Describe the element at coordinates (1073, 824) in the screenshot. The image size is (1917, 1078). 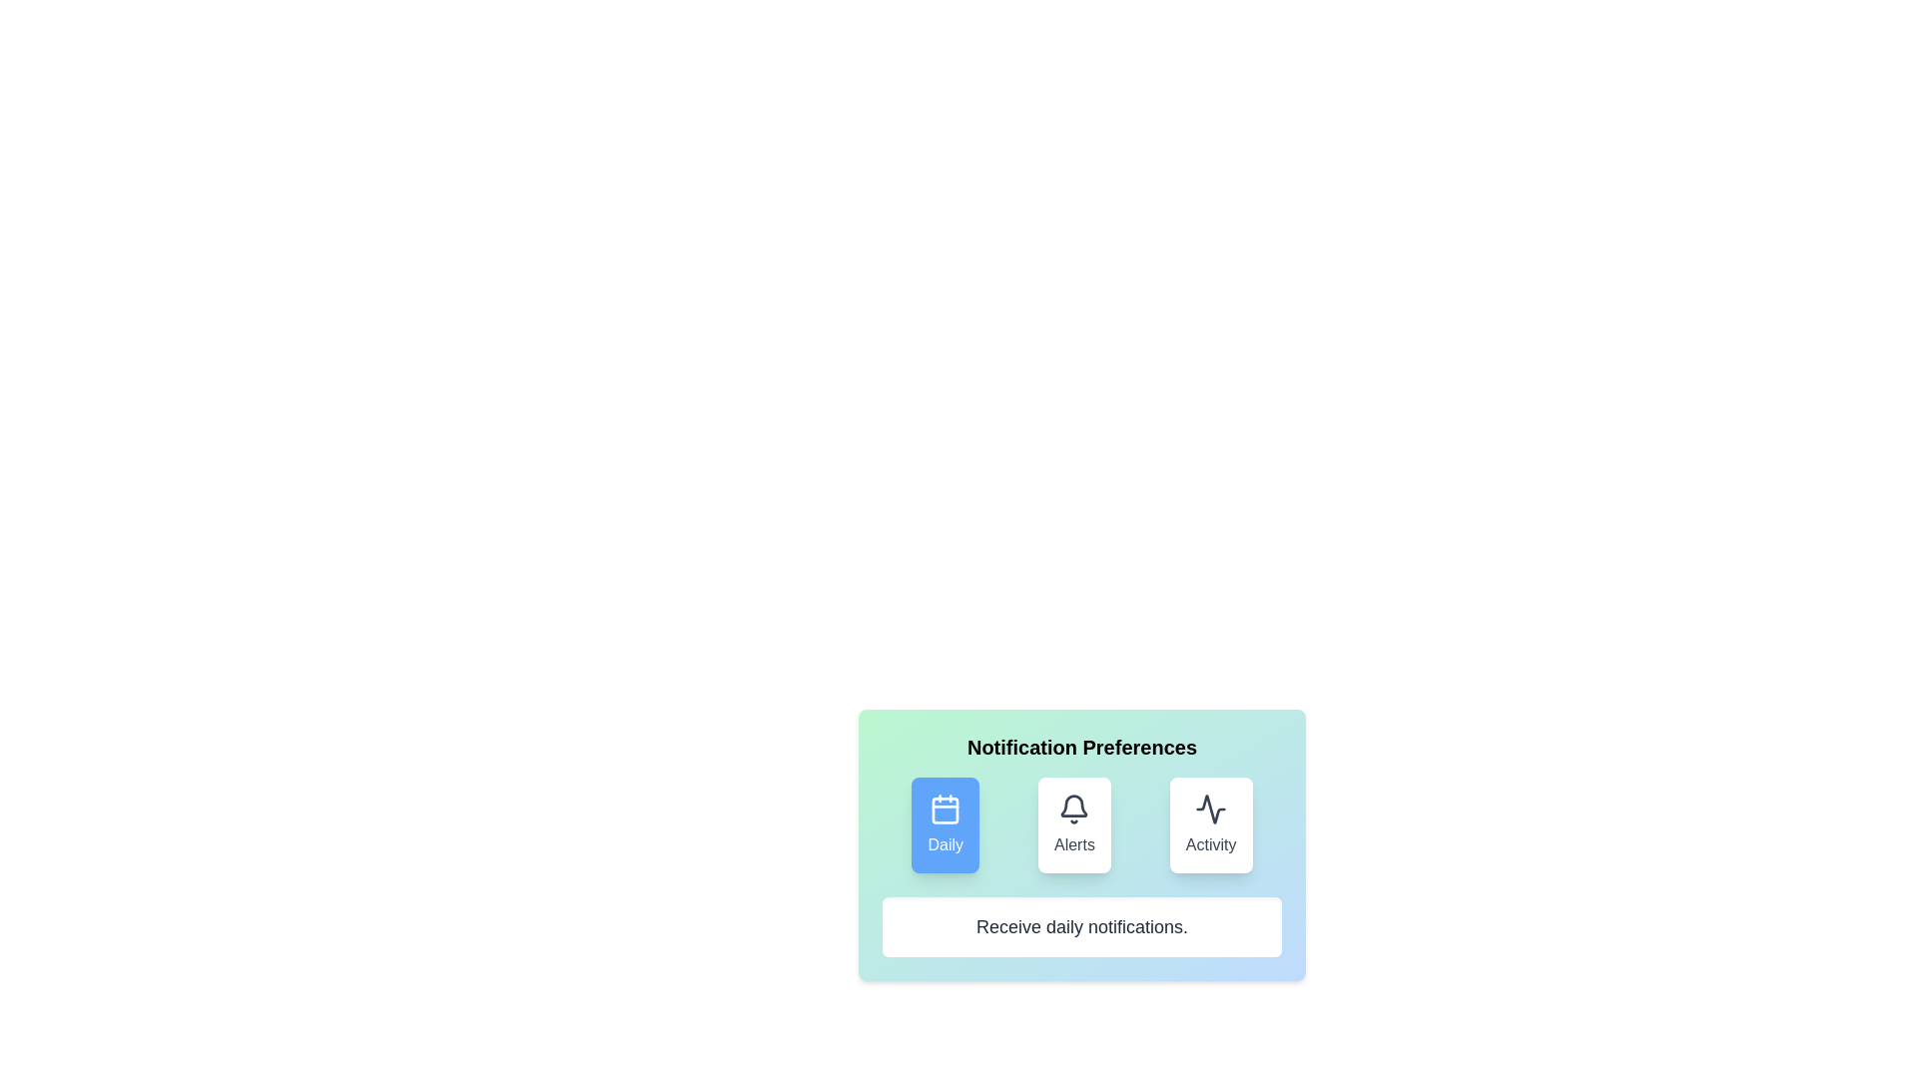
I see `the button labeled 'Alerts' to see its hover effect` at that location.